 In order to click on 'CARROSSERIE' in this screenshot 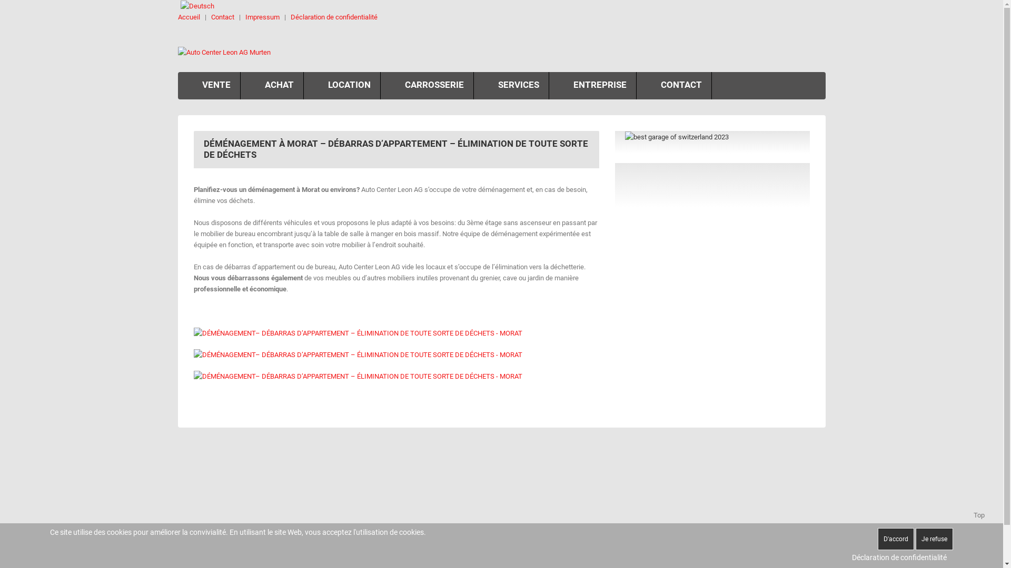, I will do `click(427, 85)`.